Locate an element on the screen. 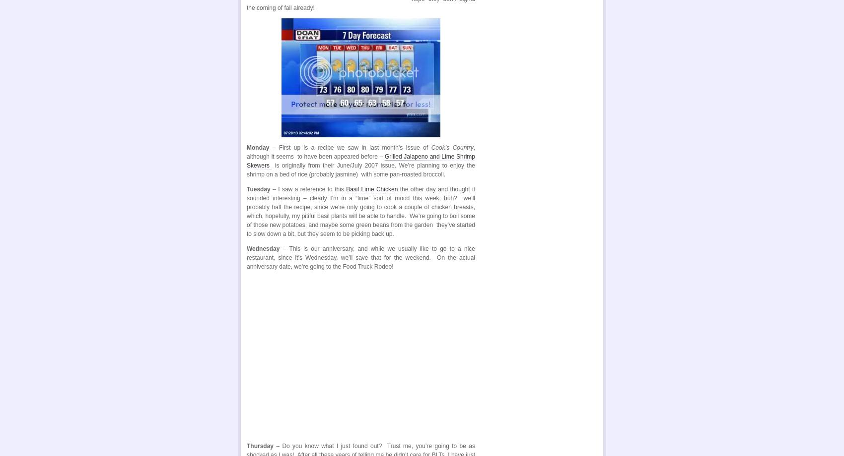  '– First up is a recipe we saw in last month’s issue of' is located at coordinates (350, 147).